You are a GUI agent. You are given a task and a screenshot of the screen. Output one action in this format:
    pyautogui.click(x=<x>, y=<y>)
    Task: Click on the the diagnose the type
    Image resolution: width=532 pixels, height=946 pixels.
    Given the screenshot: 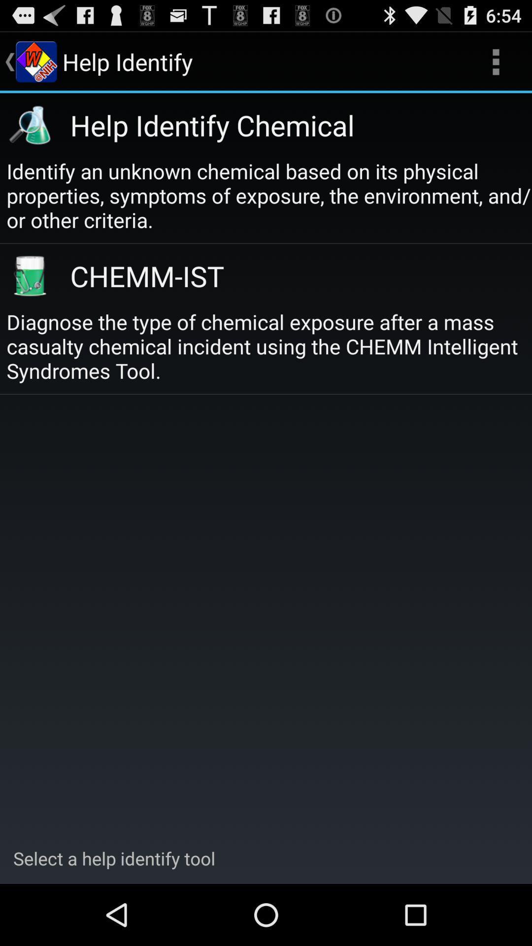 What is the action you would take?
    pyautogui.click(x=269, y=346)
    